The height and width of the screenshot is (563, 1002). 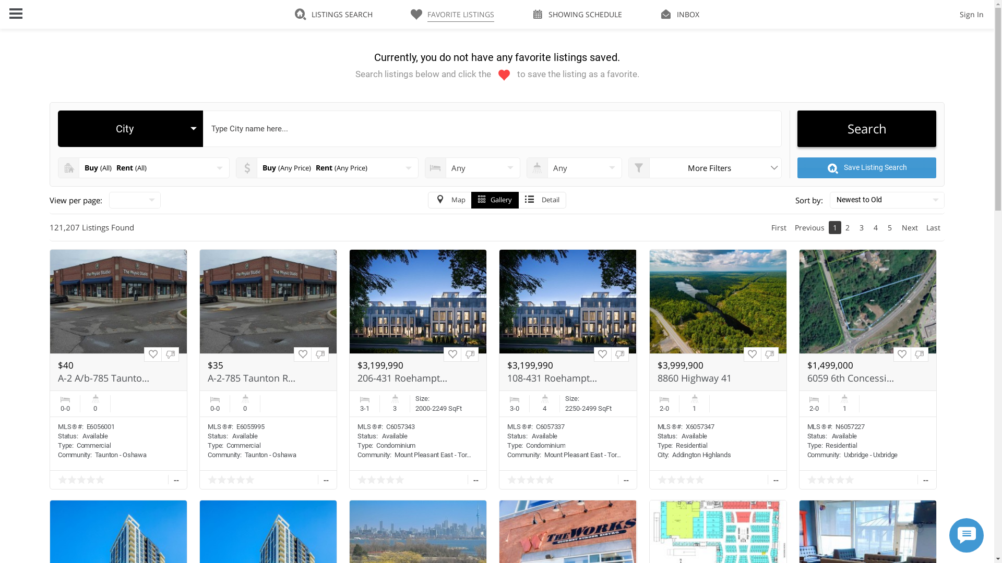 I want to click on 'A-2 A/b-785 Taunton Rd E', so click(x=103, y=378).